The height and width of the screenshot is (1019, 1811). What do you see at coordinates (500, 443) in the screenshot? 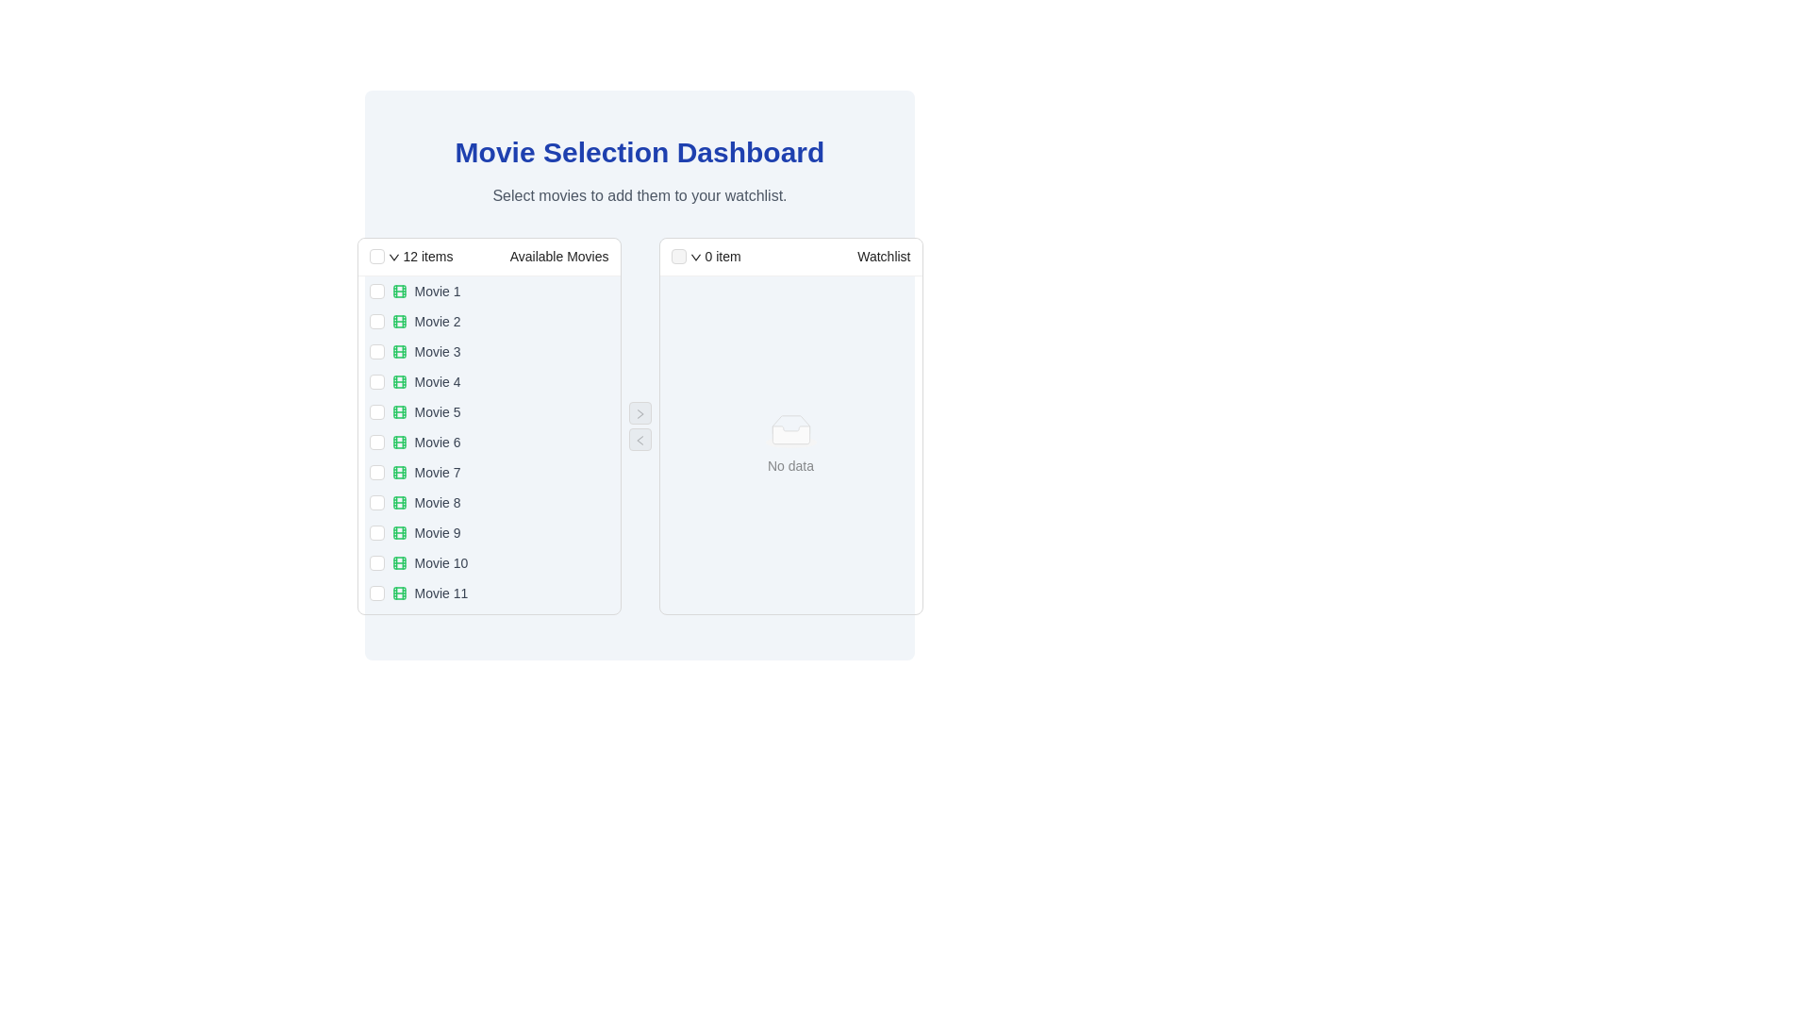
I see `the 'Movie 6' text element with the film icon from the 'Available Movies' section` at bounding box center [500, 443].